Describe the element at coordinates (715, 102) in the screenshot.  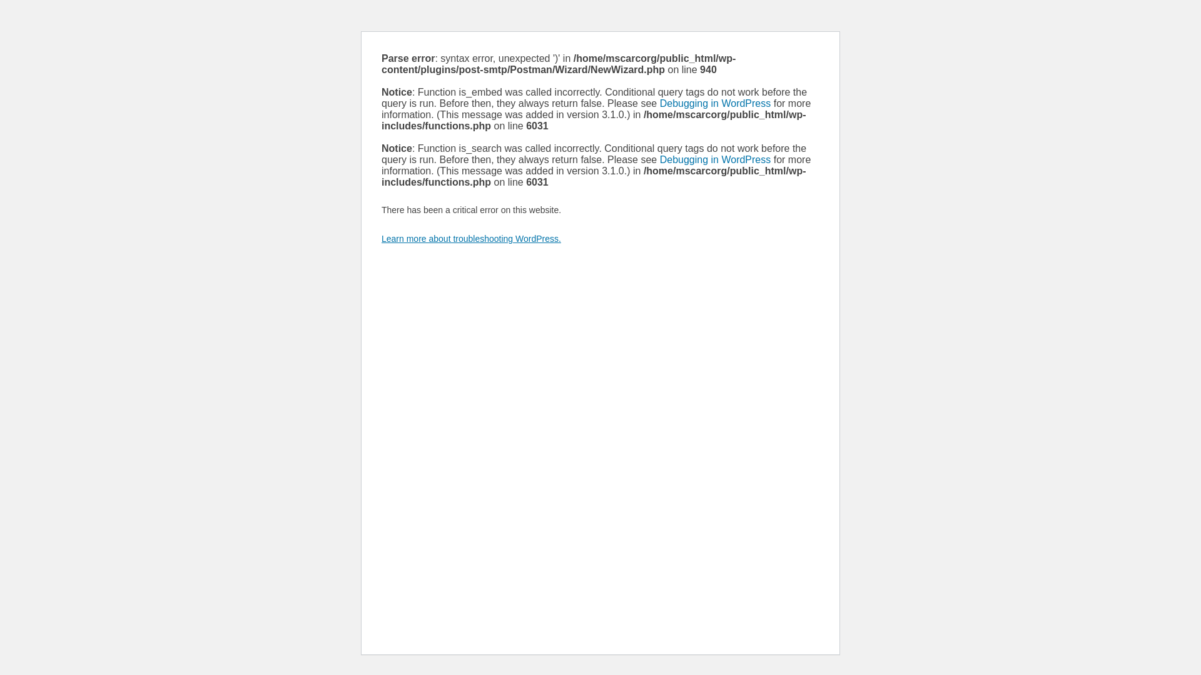
I see `'Debugging in WordPress'` at that location.